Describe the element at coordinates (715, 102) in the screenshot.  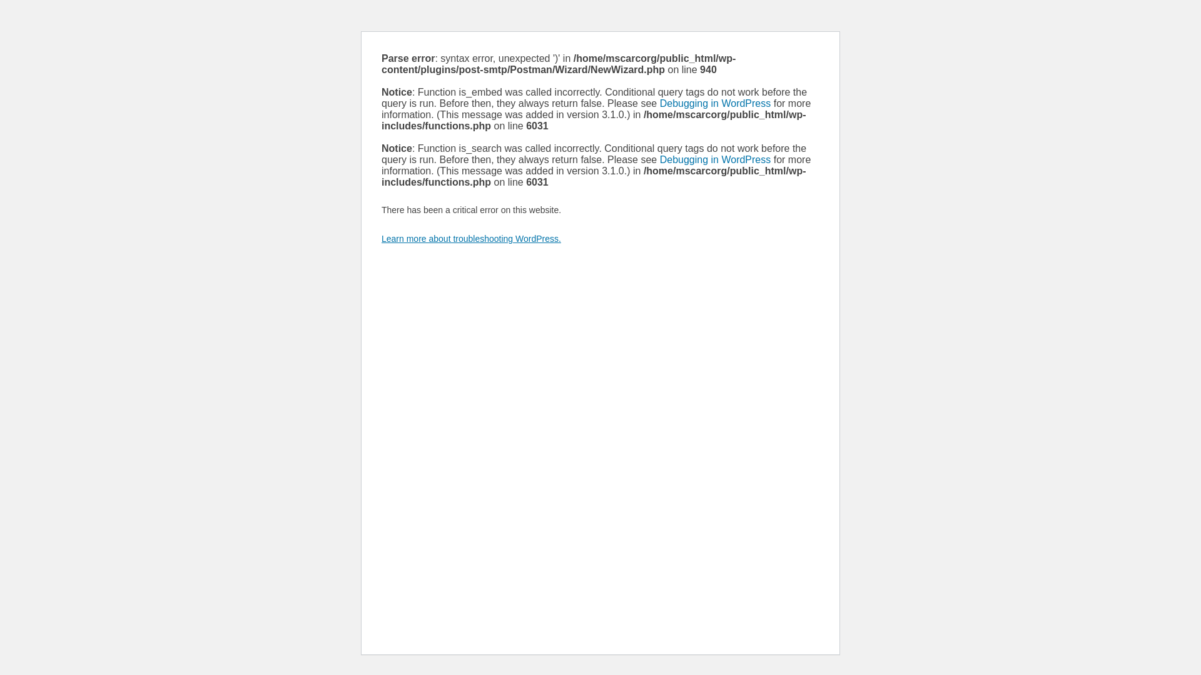
I see `'Debugging in WordPress'` at that location.